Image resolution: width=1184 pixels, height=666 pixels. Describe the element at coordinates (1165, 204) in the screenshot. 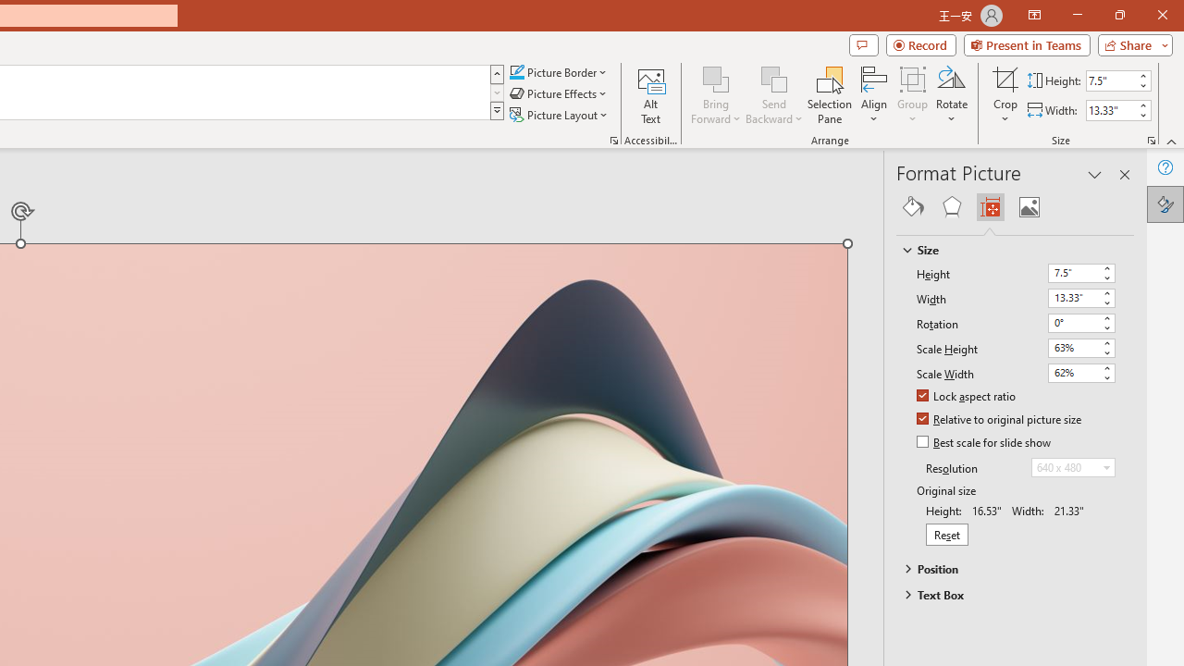

I see `'Format Picture'` at that location.